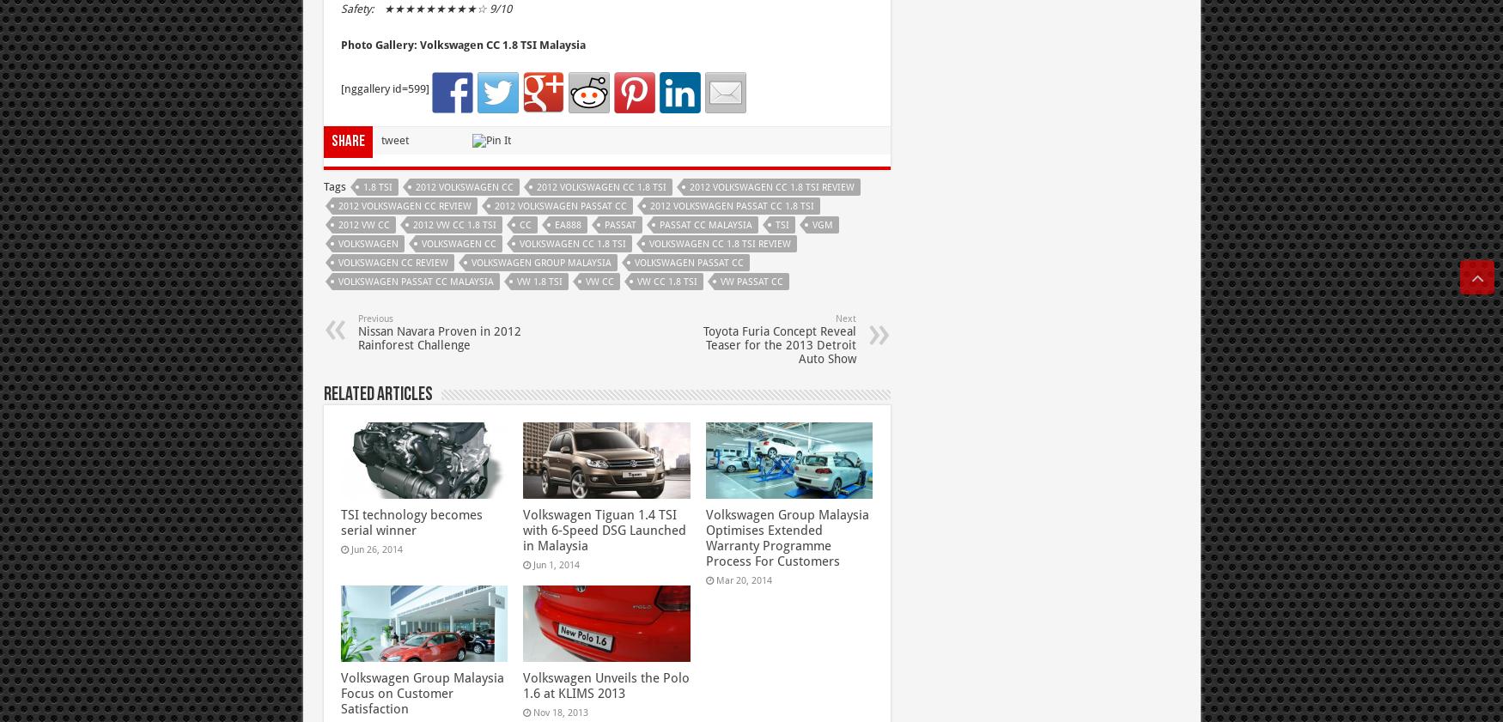  I want to click on '2012 Volkswagen Passat CC', so click(559, 204).